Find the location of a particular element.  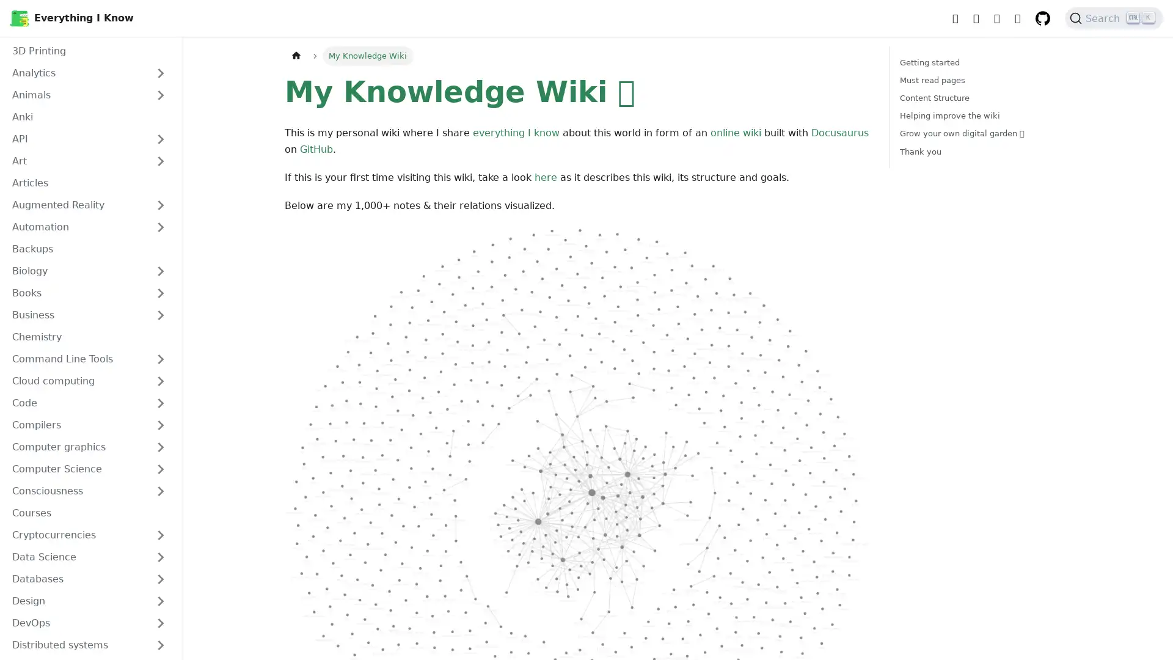

Toggle the collapsible sidebar category 'Databases' is located at coordinates (160, 579).